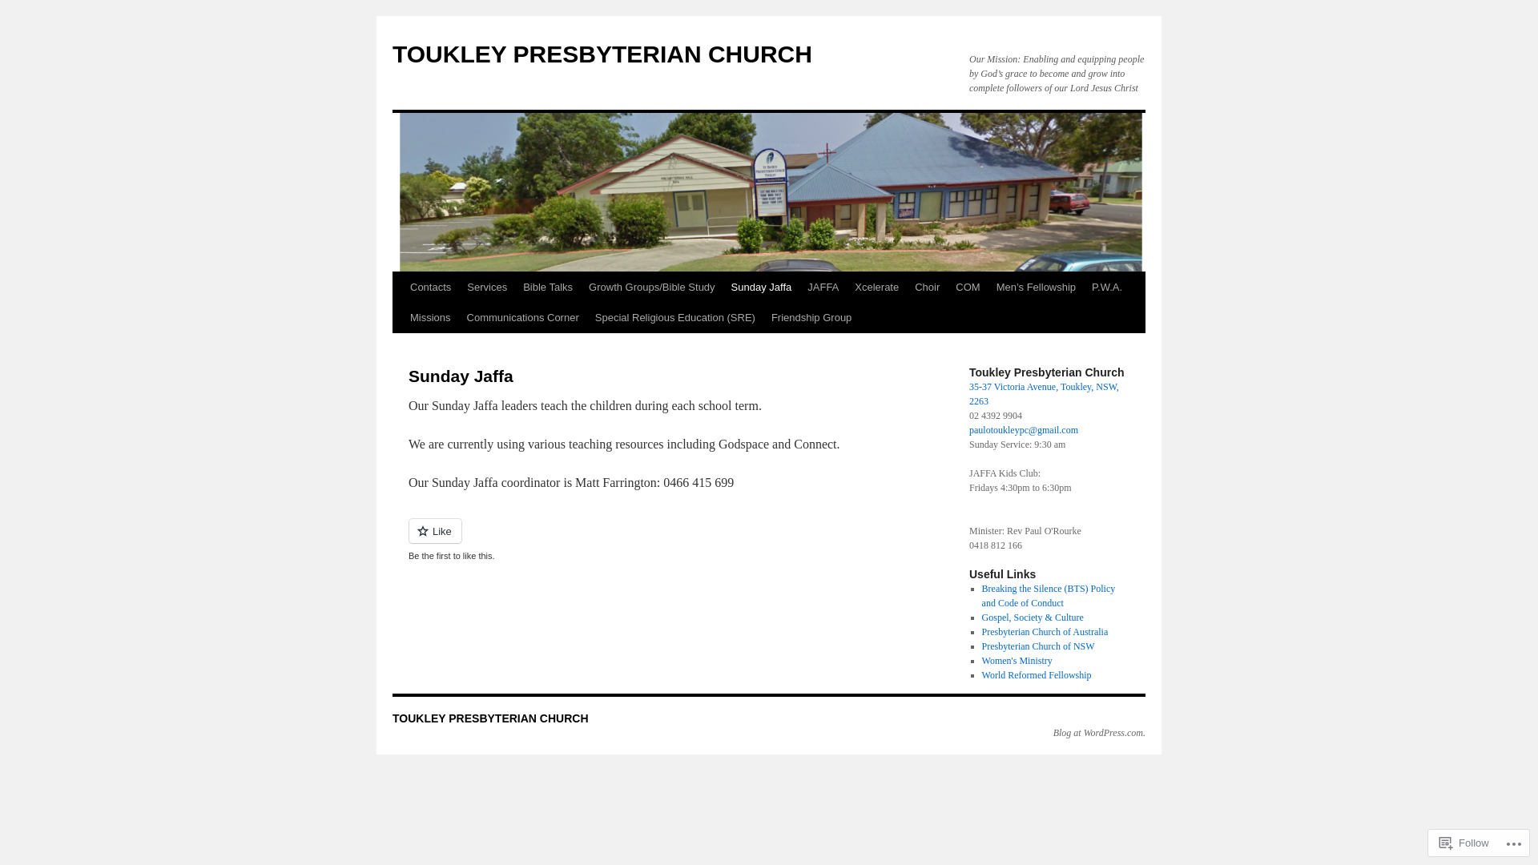 The width and height of the screenshot is (1538, 865). Describe the element at coordinates (430, 286) in the screenshot. I see `'Contacts'` at that location.